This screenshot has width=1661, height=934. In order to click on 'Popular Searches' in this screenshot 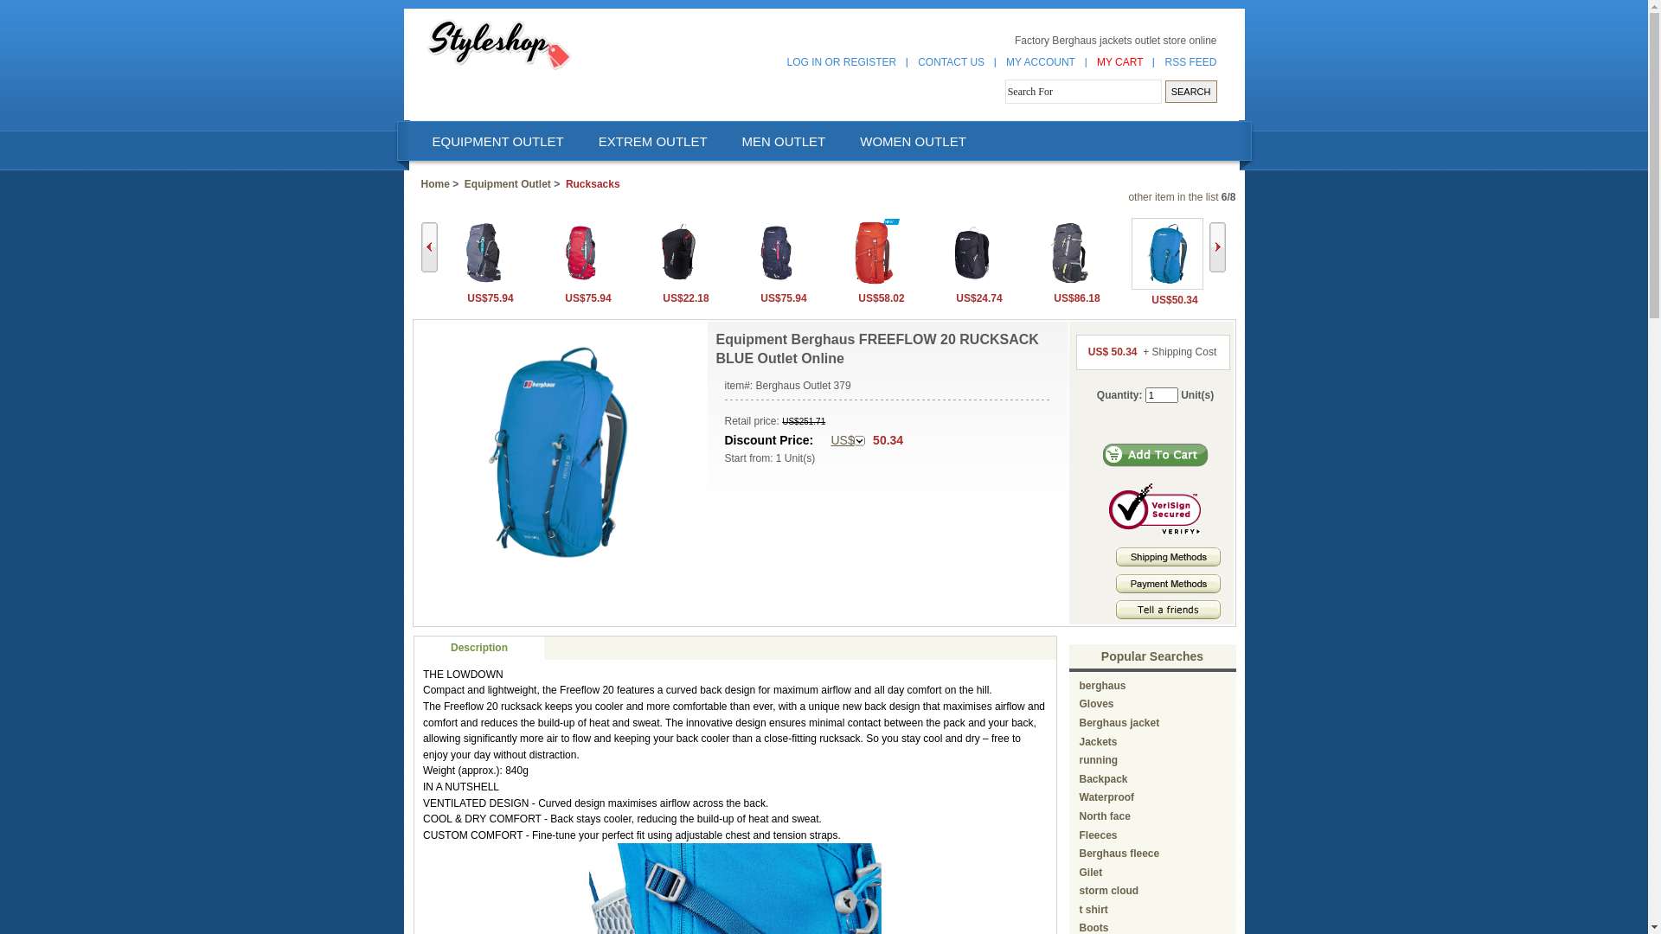, I will do `click(1151, 656)`.